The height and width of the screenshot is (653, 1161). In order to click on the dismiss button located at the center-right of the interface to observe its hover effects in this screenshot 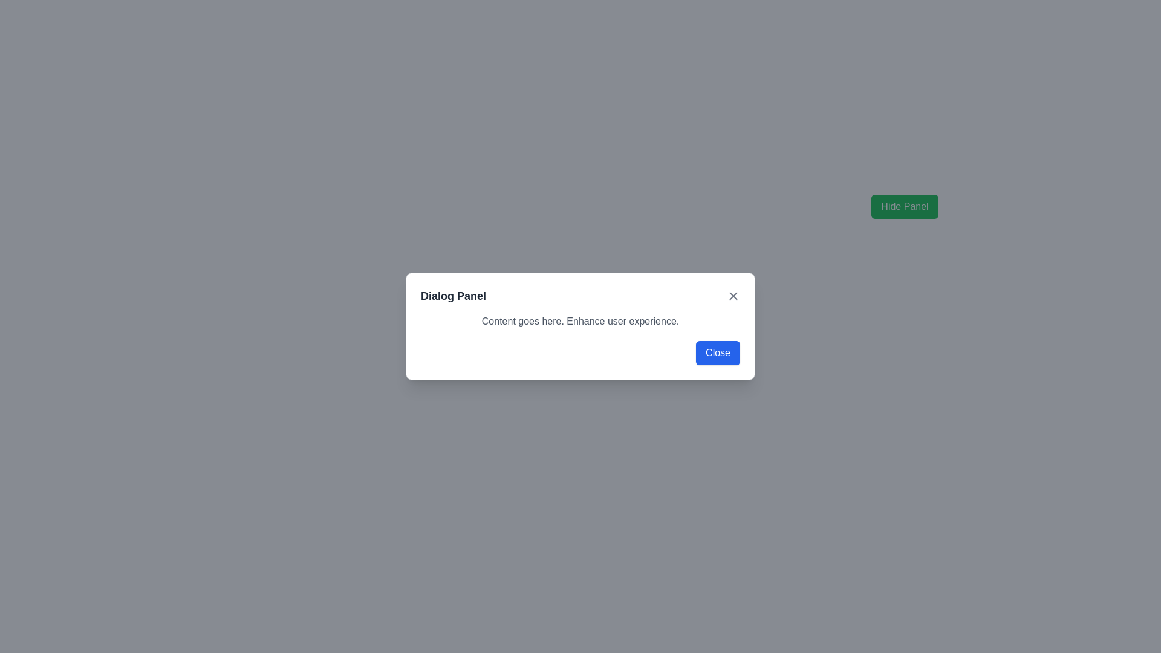, I will do `click(905, 206)`.